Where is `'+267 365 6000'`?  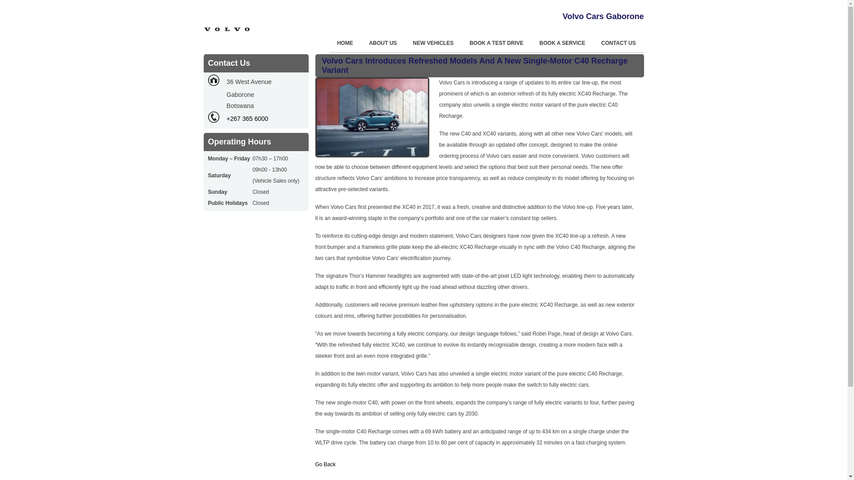
'+267 365 6000' is located at coordinates (247, 118).